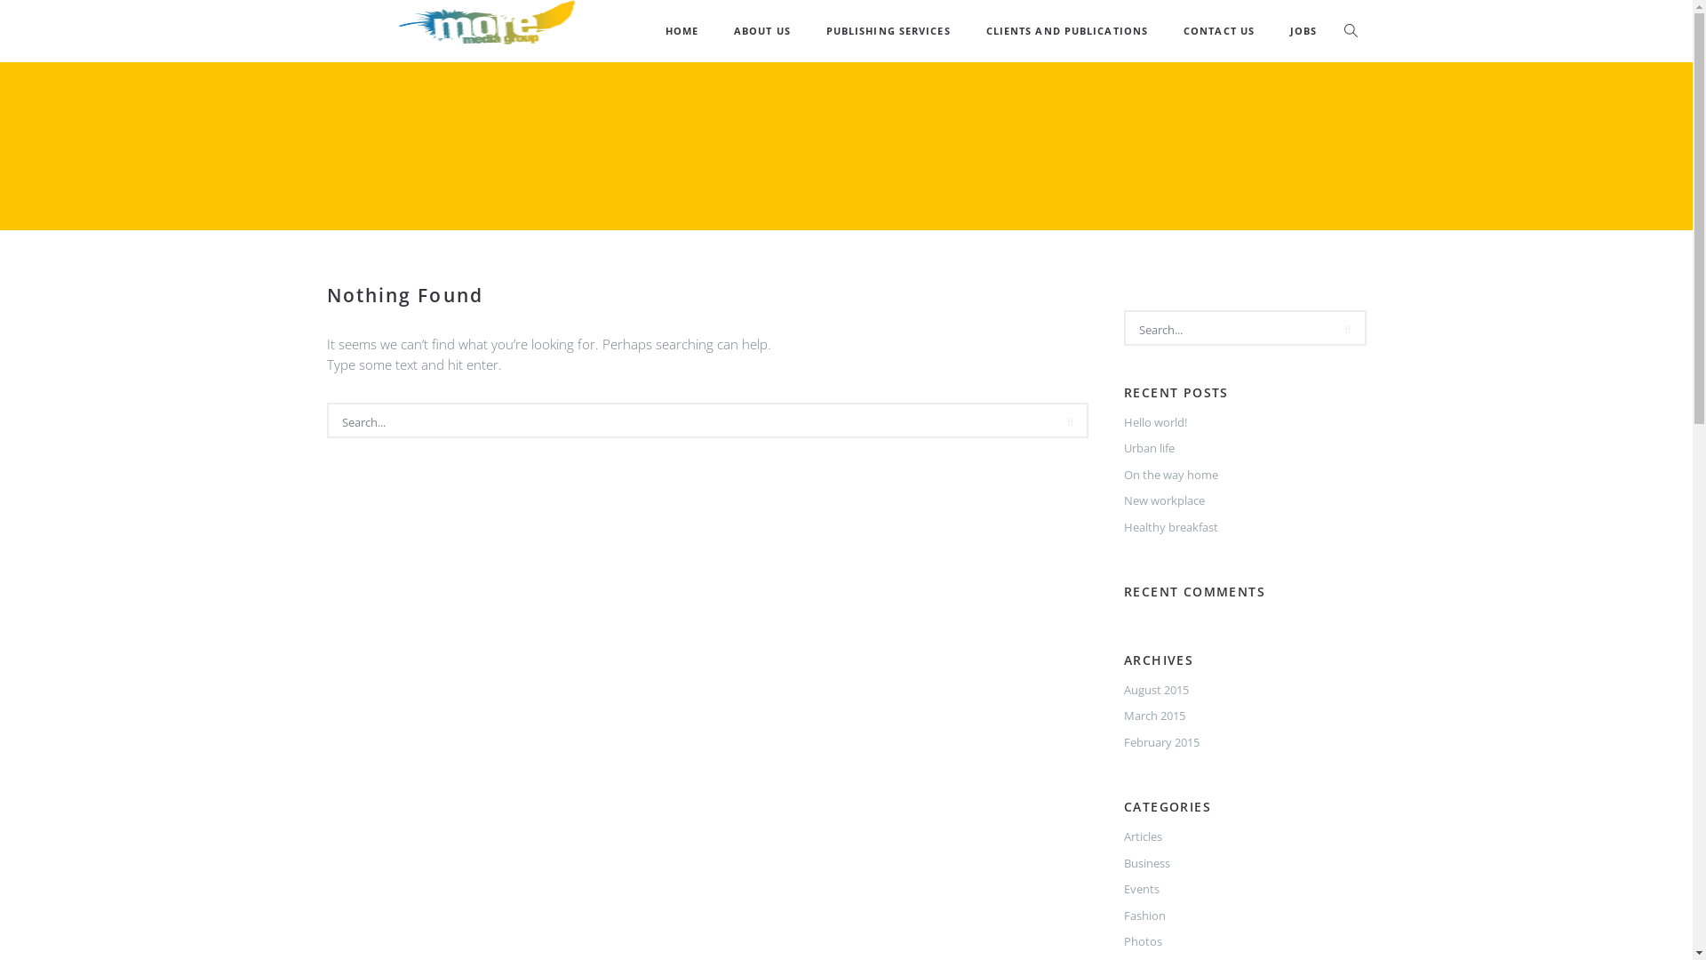 Image resolution: width=1706 pixels, height=960 pixels. Describe the element at coordinates (1123, 688) in the screenshot. I see `'August 2015'` at that location.